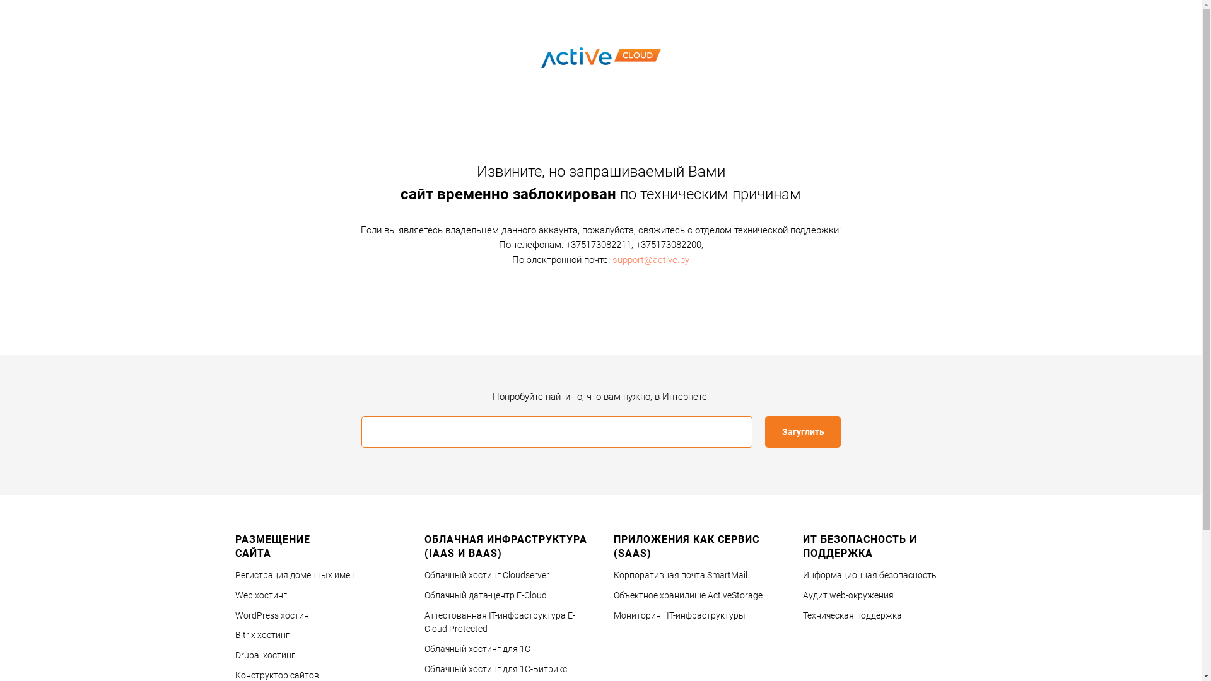 This screenshot has width=1211, height=681. Describe the element at coordinates (565, 245) in the screenshot. I see `'+375173082211'` at that location.